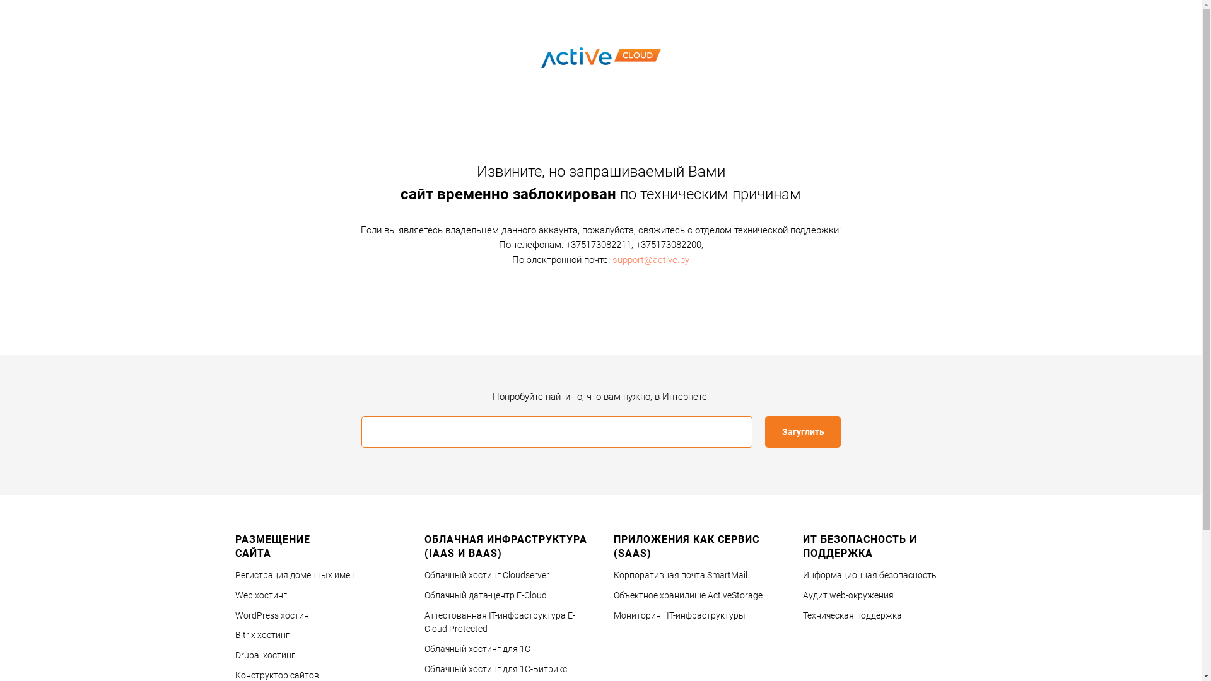 This screenshot has width=1211, height=681. Describe the element at coordinates (565, 245) in the screenshot. I see `'+375173082211'` at that location.